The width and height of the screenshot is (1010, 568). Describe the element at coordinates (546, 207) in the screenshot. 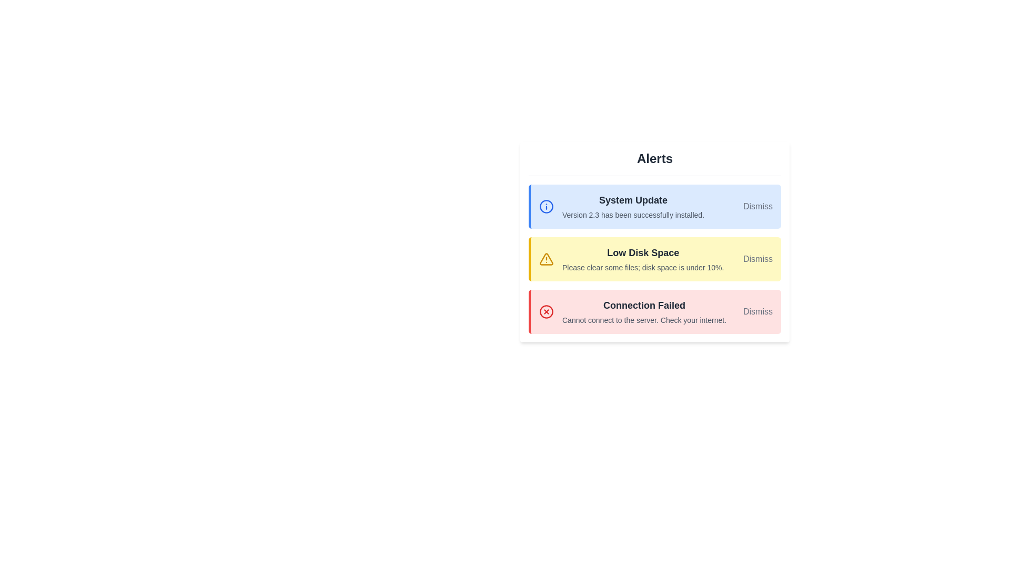

I see `the Decorative icon located on the left side of the topmost notification panel, next to the text 'System Update - Version 2.3 has been successfully installed.'` at that location.